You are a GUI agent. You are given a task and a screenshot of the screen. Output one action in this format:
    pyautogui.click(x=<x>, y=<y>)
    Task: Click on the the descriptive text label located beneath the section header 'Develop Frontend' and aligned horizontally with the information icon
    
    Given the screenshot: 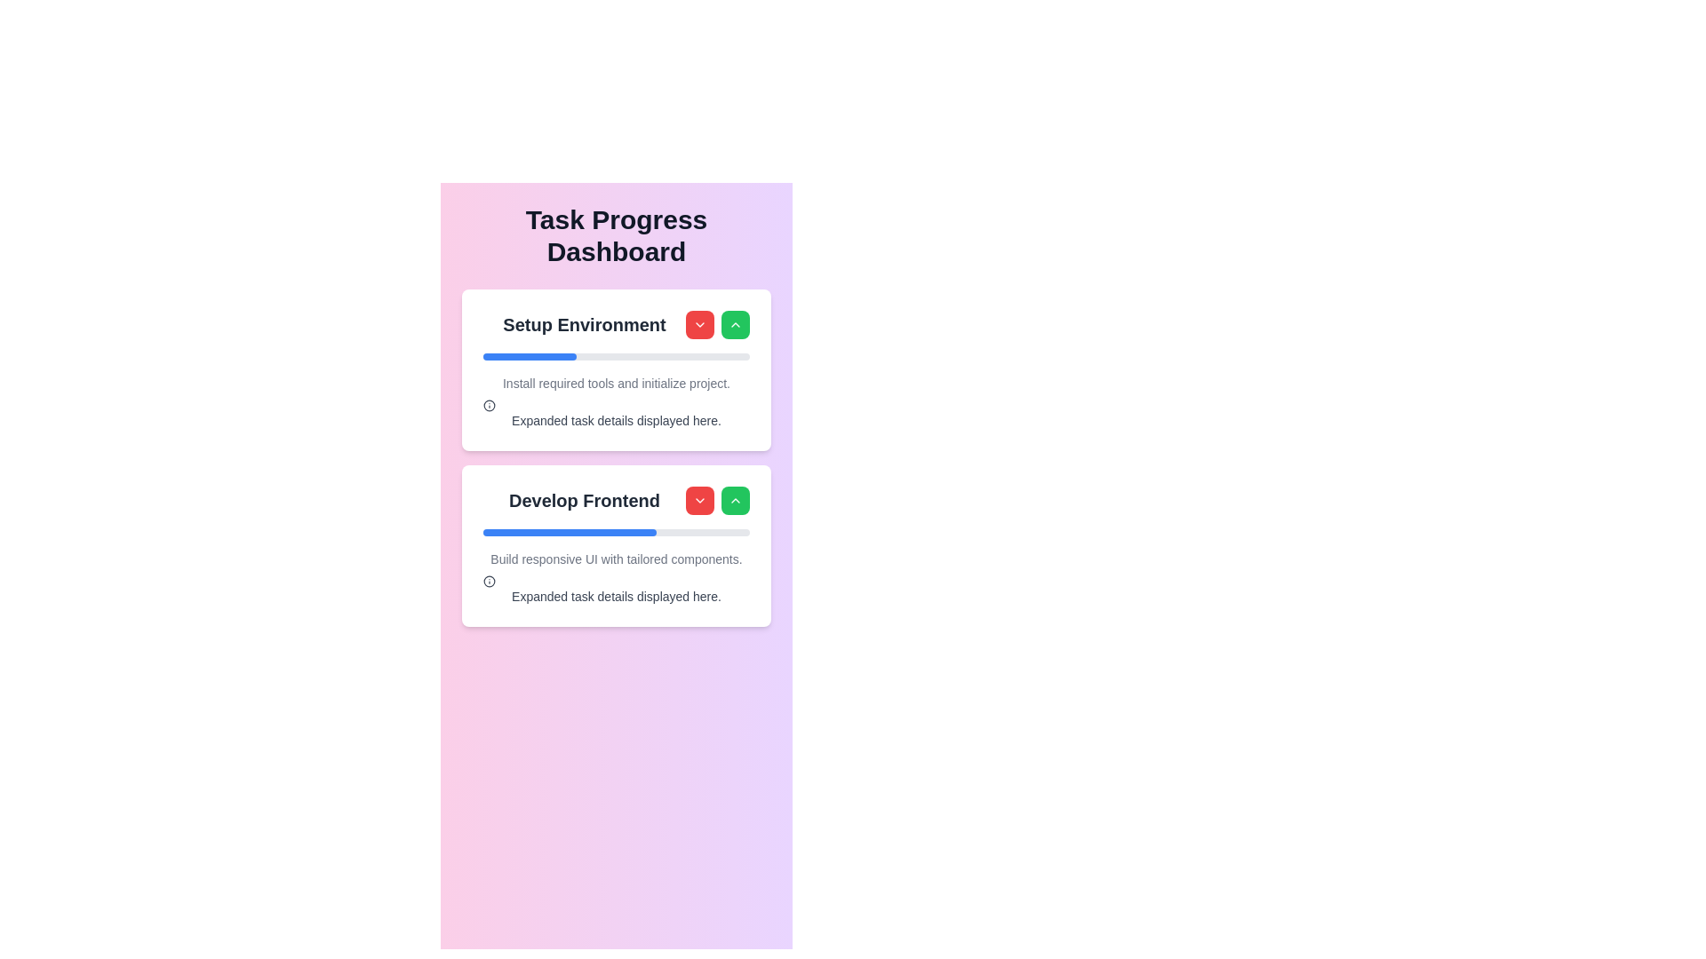 What is the action you would take?
    pyautogui.click(x=617, y=596)
    